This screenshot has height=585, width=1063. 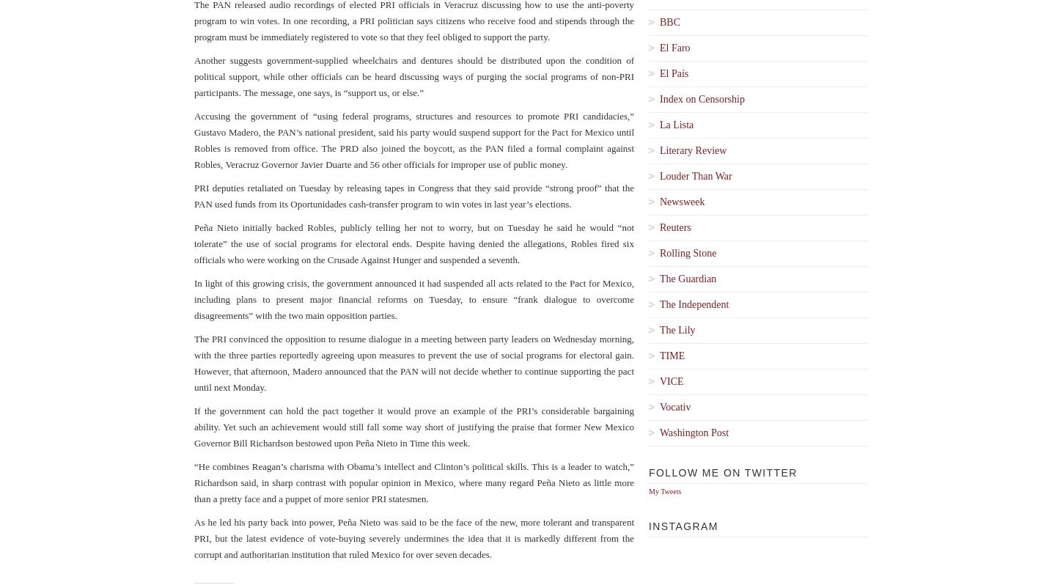 I want to click on 'Peña Nieto initially backed Robles, publicly telling her not to worry, but on Tuesday he said he would “not tolerate” the use of social programs for electoral ends. Despite having denied the allegations, Robles fired six officials who were working on the Crusade Against Hunger and suspended a seventh.', so click(x=414, y=243).